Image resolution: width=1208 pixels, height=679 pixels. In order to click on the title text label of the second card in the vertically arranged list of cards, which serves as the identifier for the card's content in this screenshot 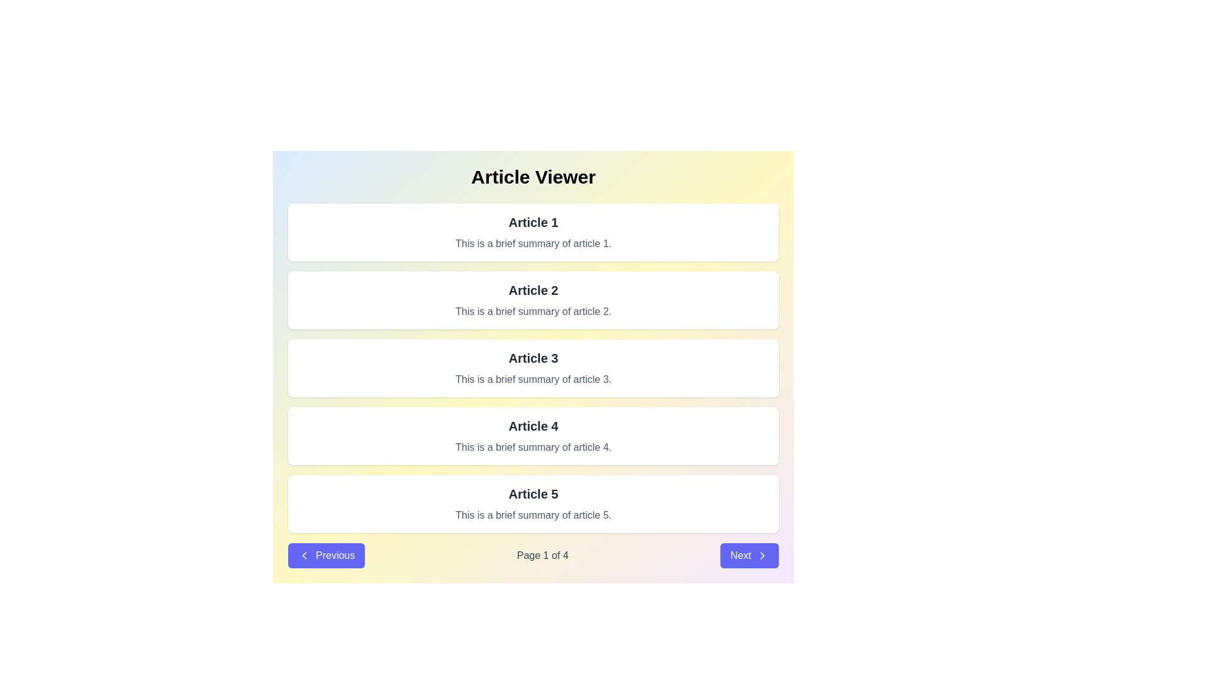, I will do `click(534, 290)`.